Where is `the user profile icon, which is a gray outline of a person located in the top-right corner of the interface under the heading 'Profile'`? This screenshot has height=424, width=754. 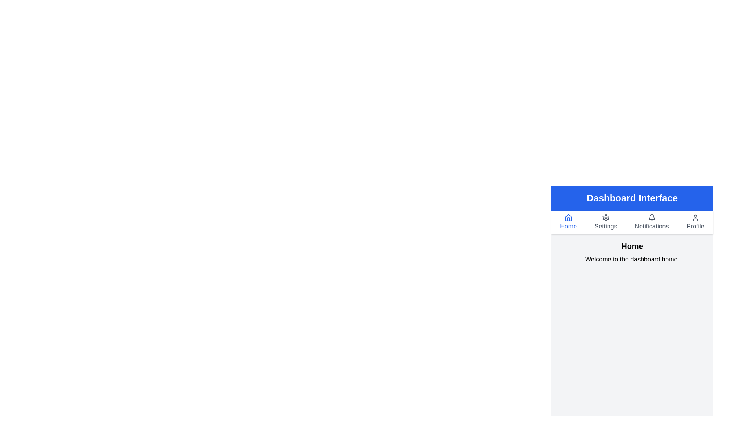 the user profile icon, which is a gray outline of a person located in the top-right corner of the interface under the heading 'Profile' is located at coordinates (695, 218).